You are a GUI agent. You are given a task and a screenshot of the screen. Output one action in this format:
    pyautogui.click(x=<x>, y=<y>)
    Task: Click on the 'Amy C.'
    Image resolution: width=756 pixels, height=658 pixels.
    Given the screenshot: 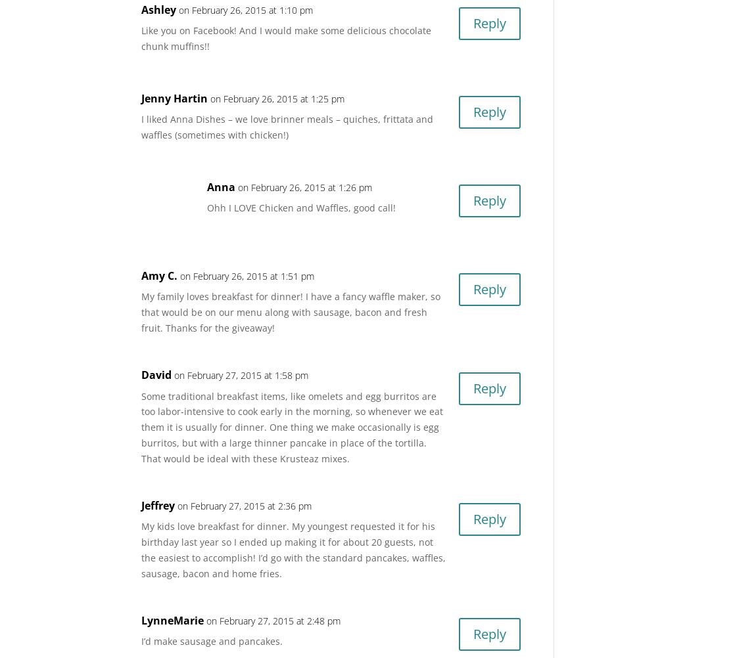 What is the action you would take?
    pyautogui.click(x=158, y=274)
    